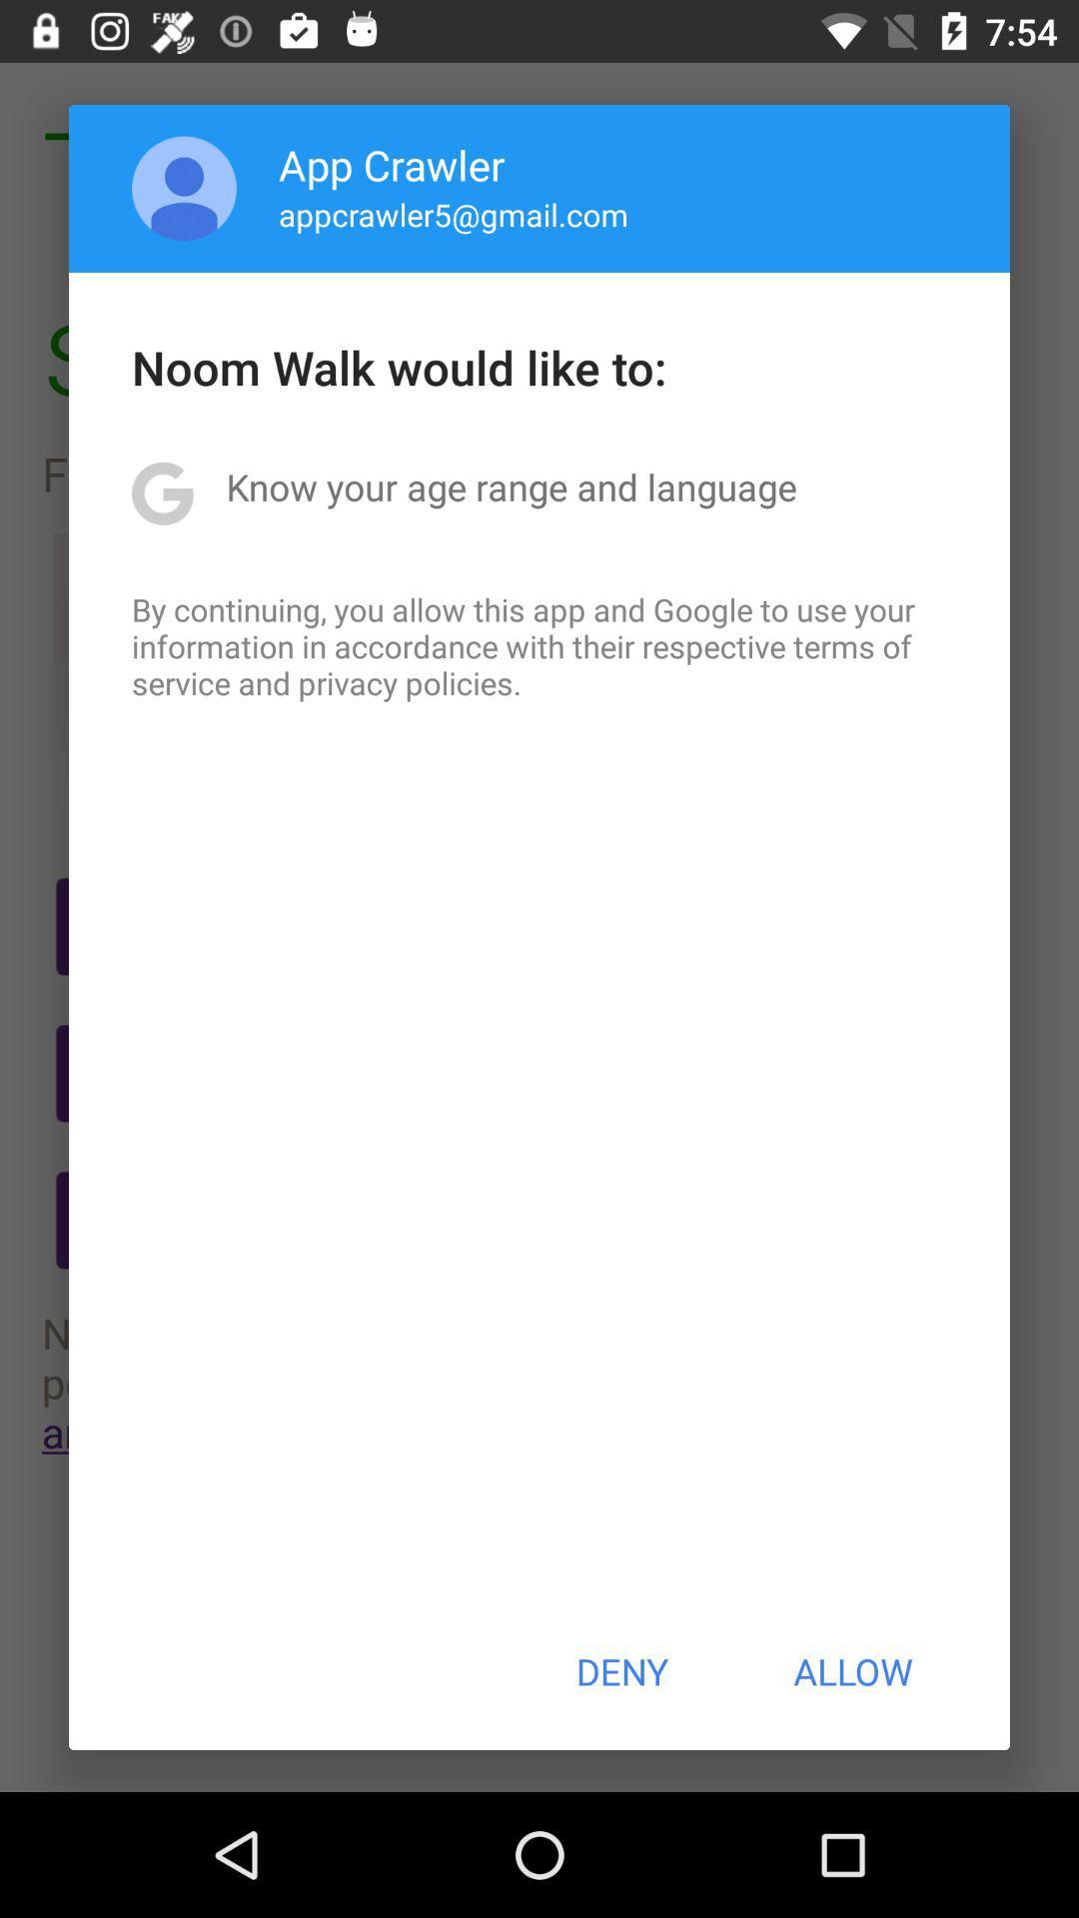 The height and width of the screenshot is (1918, 1079). Describe the element at coordinates (620, 1671) in the screenshot. I see `the deny` at that location.